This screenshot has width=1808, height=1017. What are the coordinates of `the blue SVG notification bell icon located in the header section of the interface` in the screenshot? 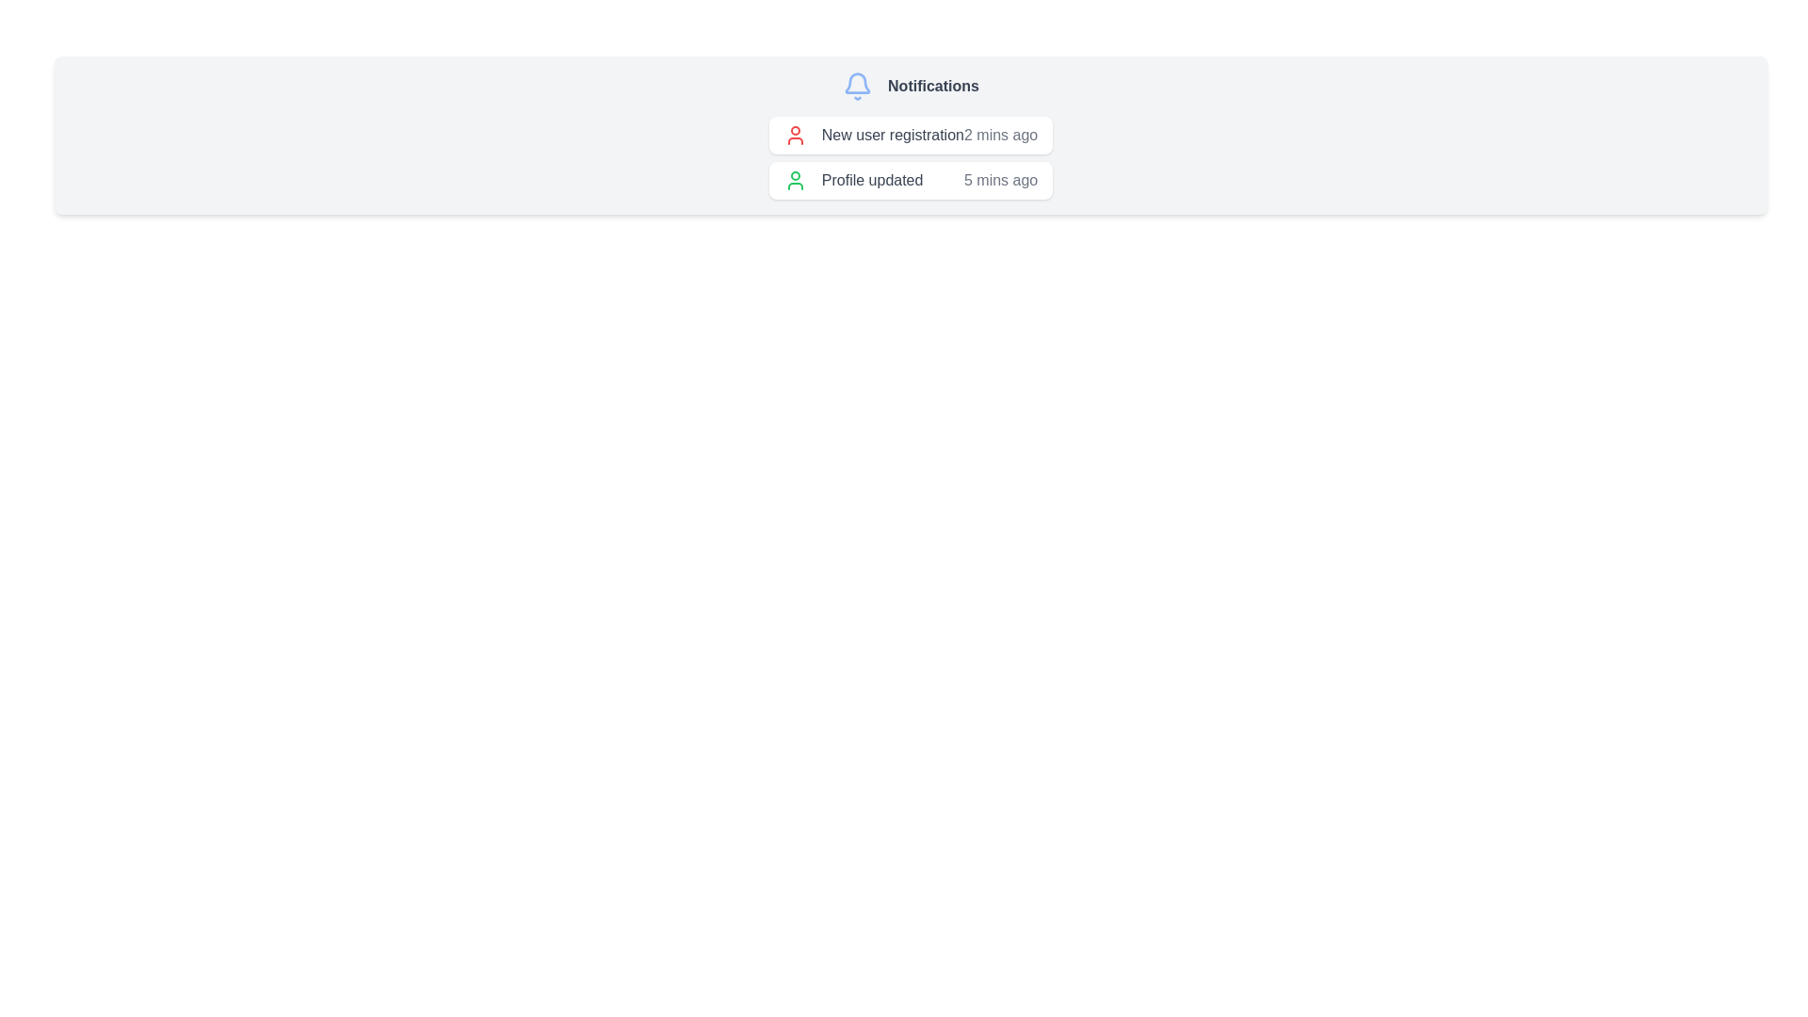 It's located at (857, 87).